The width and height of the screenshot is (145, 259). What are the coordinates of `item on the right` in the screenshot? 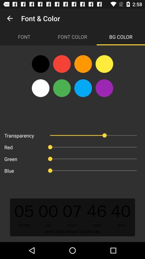 It's located at (104, 88).